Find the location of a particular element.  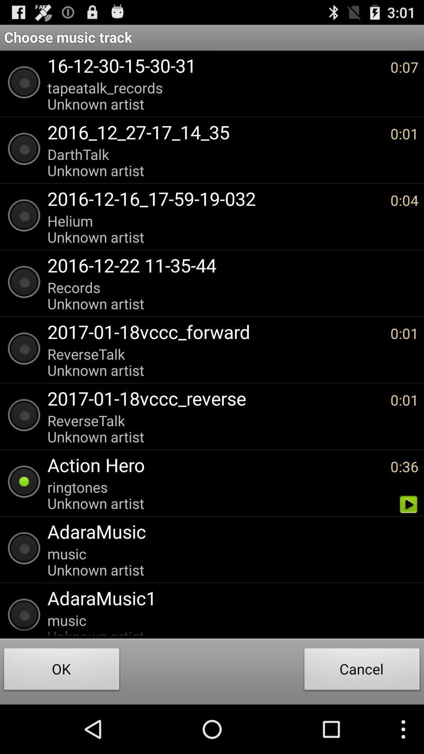

button to the left of cancel is located at coordinates (61, 671).